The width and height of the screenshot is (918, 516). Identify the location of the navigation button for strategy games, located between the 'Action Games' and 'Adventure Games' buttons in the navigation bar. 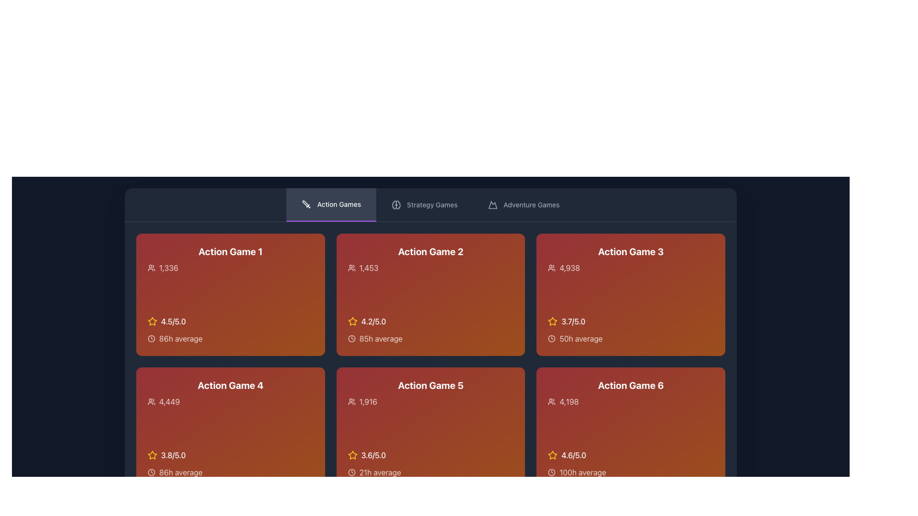
(424, 204).